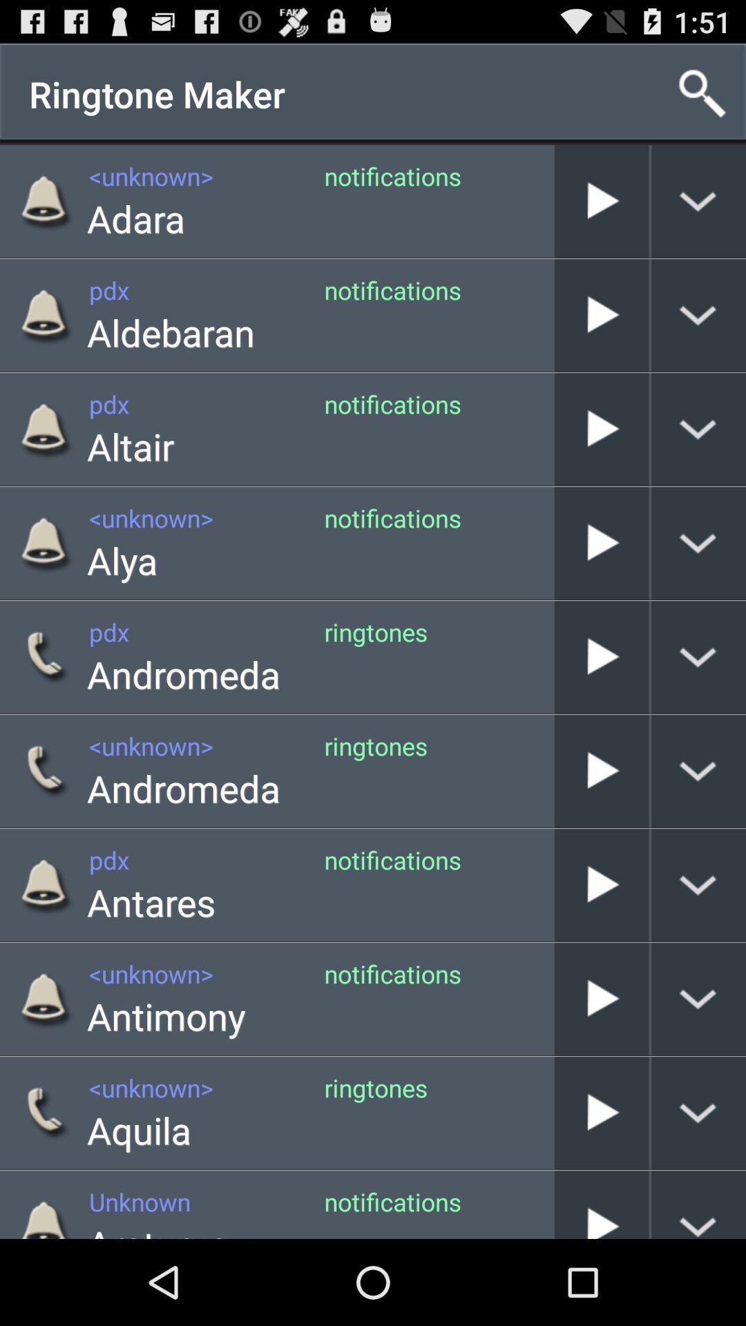 Image resolution: width=746 pixels, height=1326 pixels. I want to click on arcturus icon, so click(157, 1229).